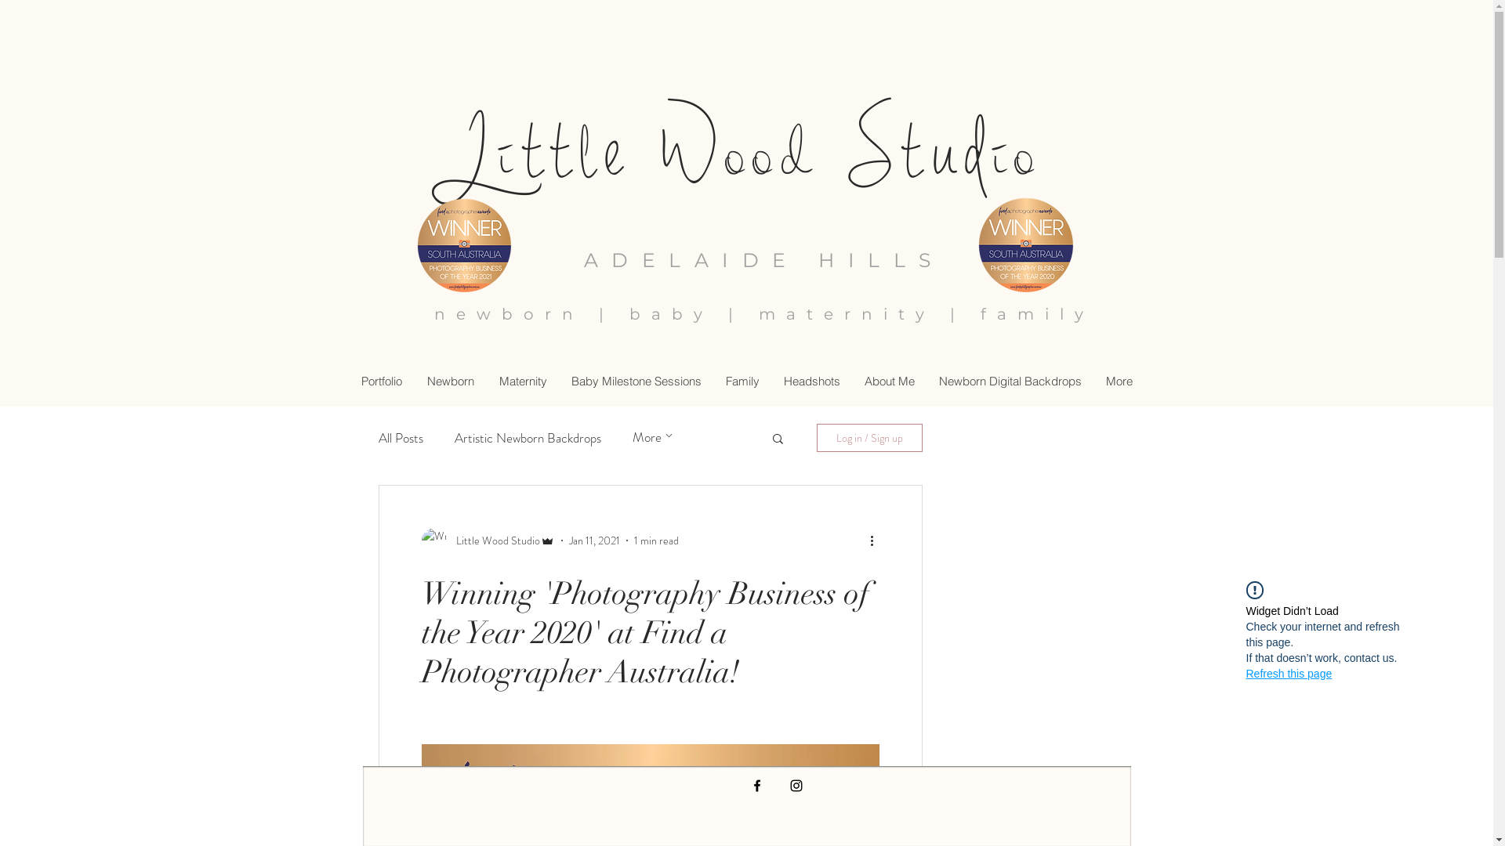 This screenshot has height=846, width=1505. Describe the element at coordinates (449, 381) in the screenshot. I see `'Newborn'` at that location.